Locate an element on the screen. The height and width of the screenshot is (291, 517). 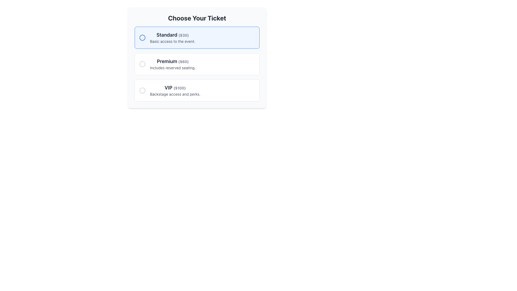
the price text label indicating the 'Premium' ticket option, located to the right of the 'Premium' label is located at coordinates (183, 61).